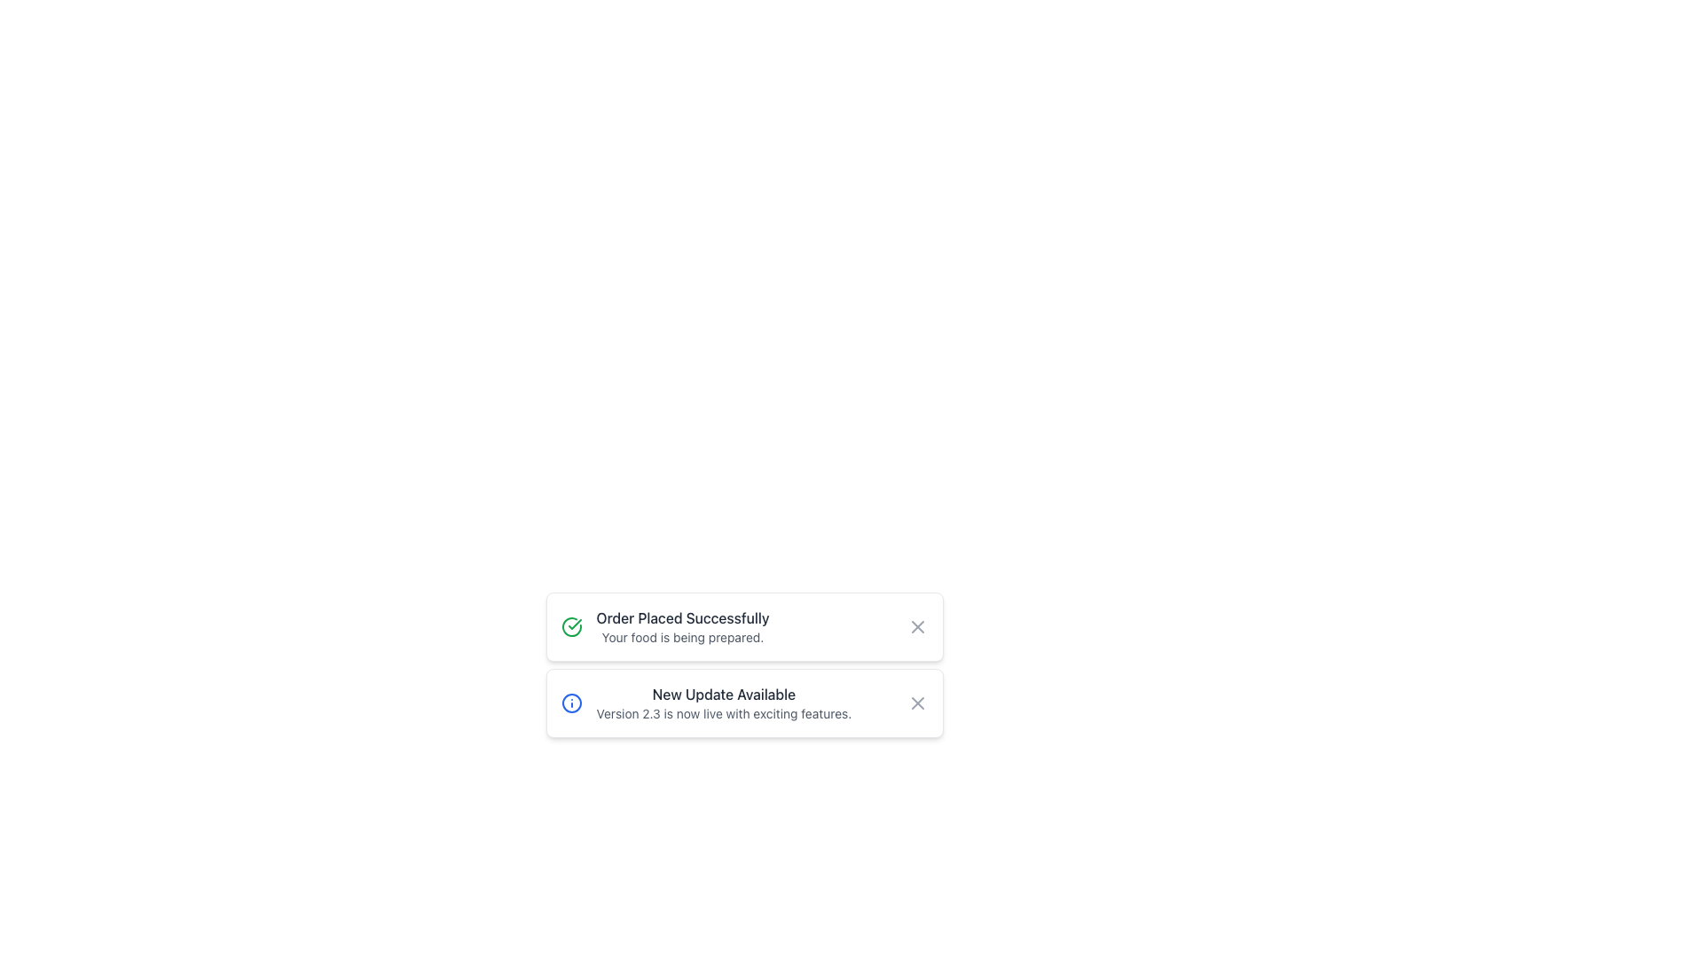  I want to click on the Close button located in the notification area displaying 'Order Placed Successfully', so click(917, 625).